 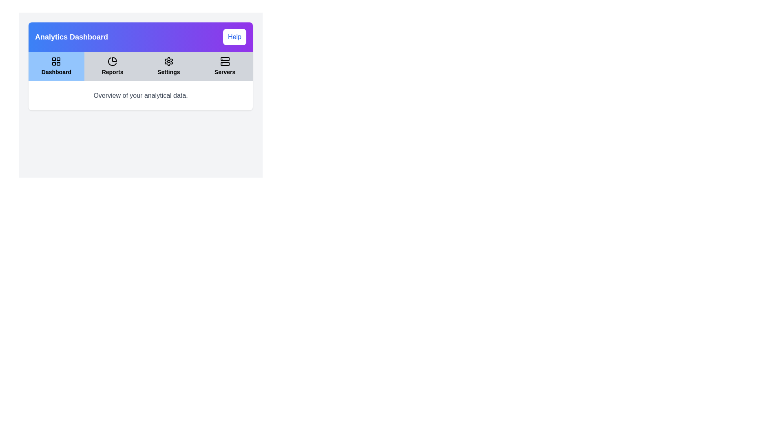 What do you see at coordinates (112, 61) in the screenshot?
I see `the pie chart icon in the upper navigation bar, which is the second icon from the left, adjacent to the 'Reports' label` at bounding box center [112, 61].